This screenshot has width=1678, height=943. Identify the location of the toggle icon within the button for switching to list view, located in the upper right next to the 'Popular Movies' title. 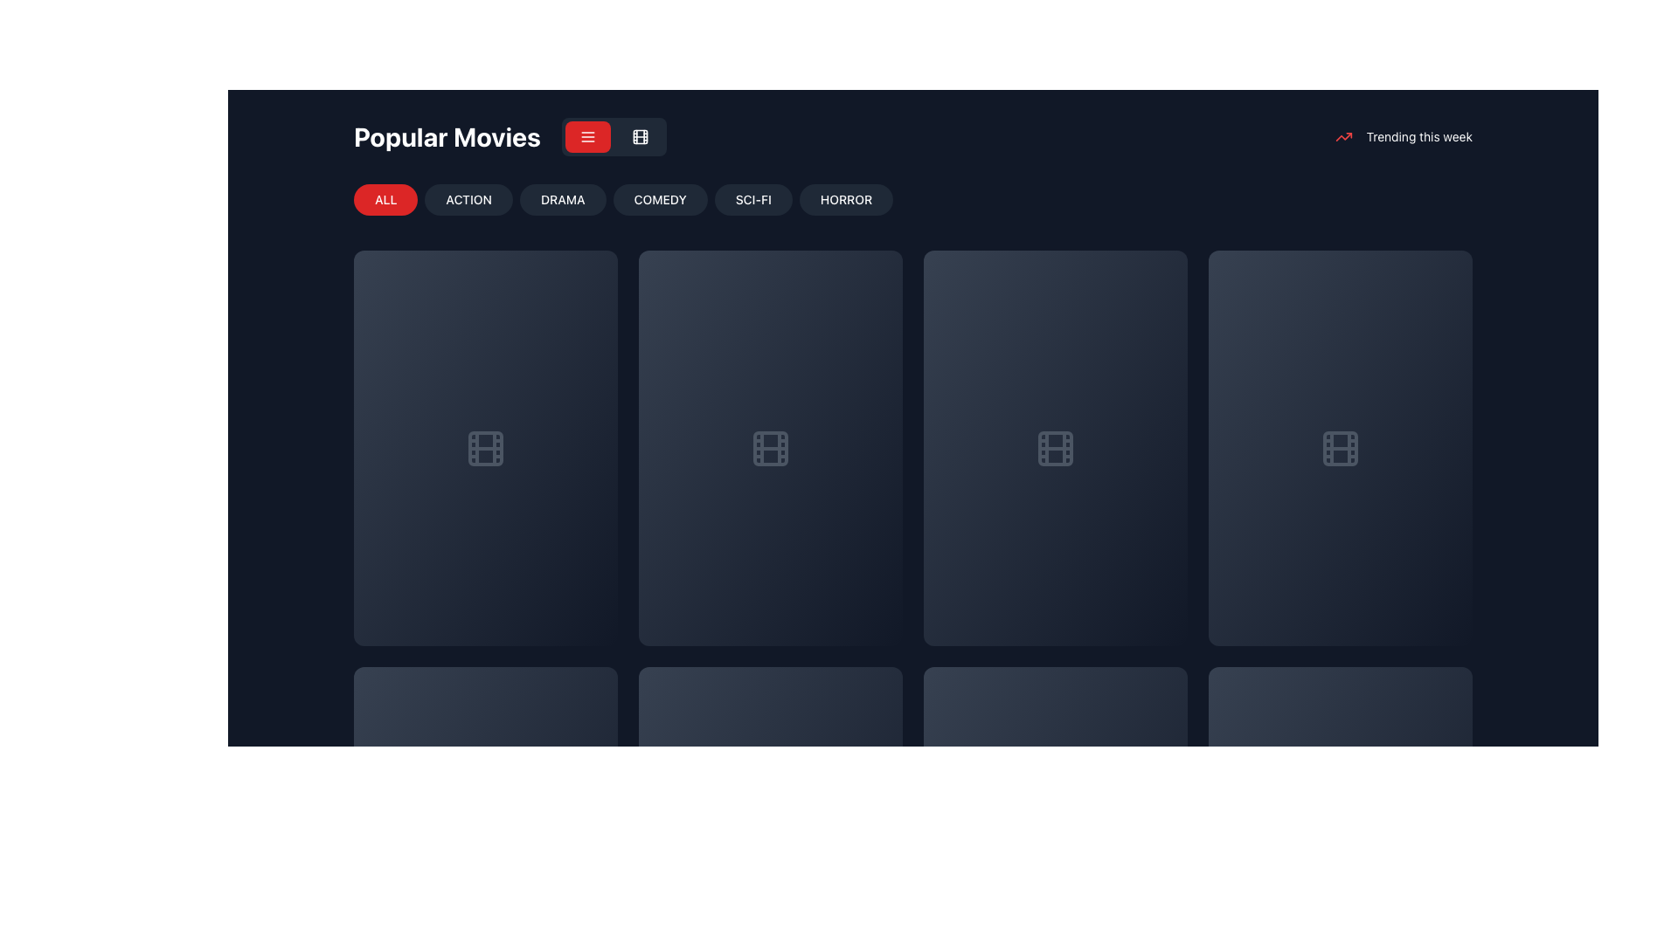
(587, 136).